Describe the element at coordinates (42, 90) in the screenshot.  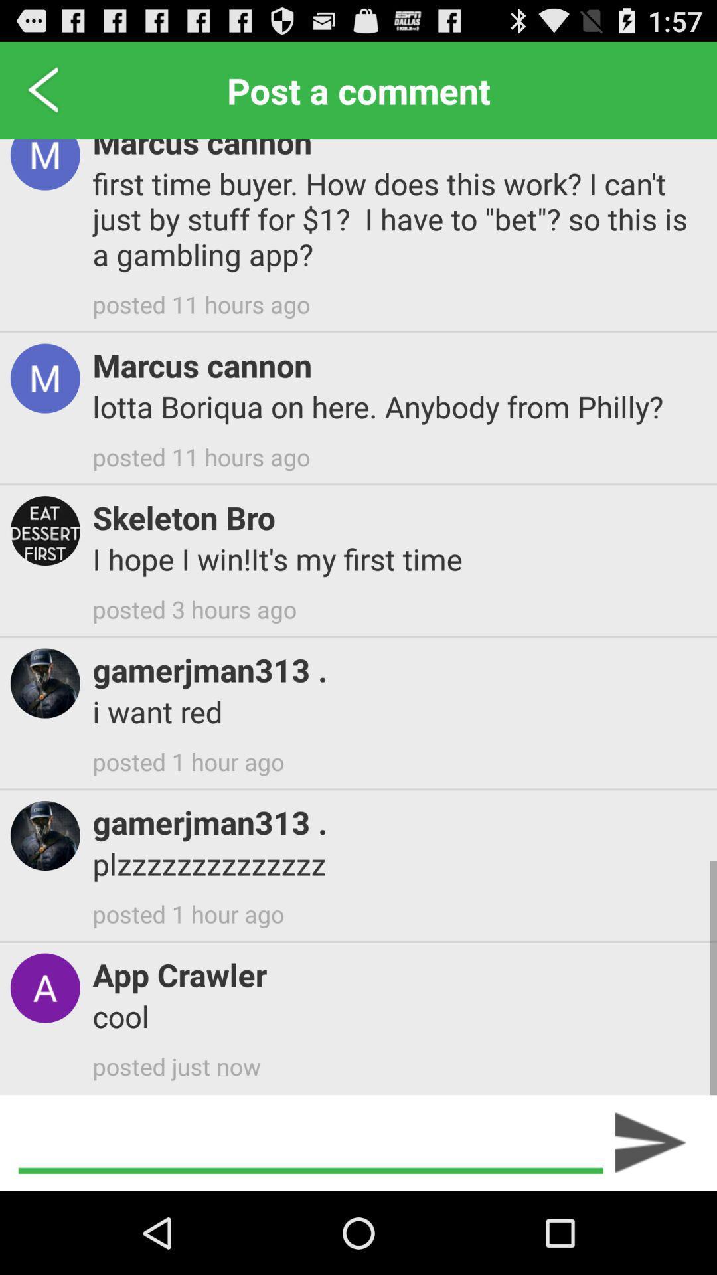
I see `icon to the left of marcus cannon` at that location.